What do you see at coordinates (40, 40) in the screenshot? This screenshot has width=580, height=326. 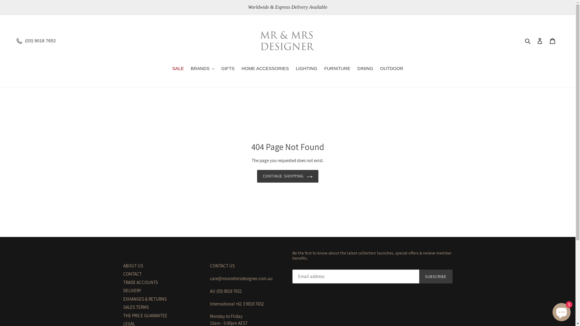 I see `'(03) 9018 7652'` at bounding box center [40, 40].